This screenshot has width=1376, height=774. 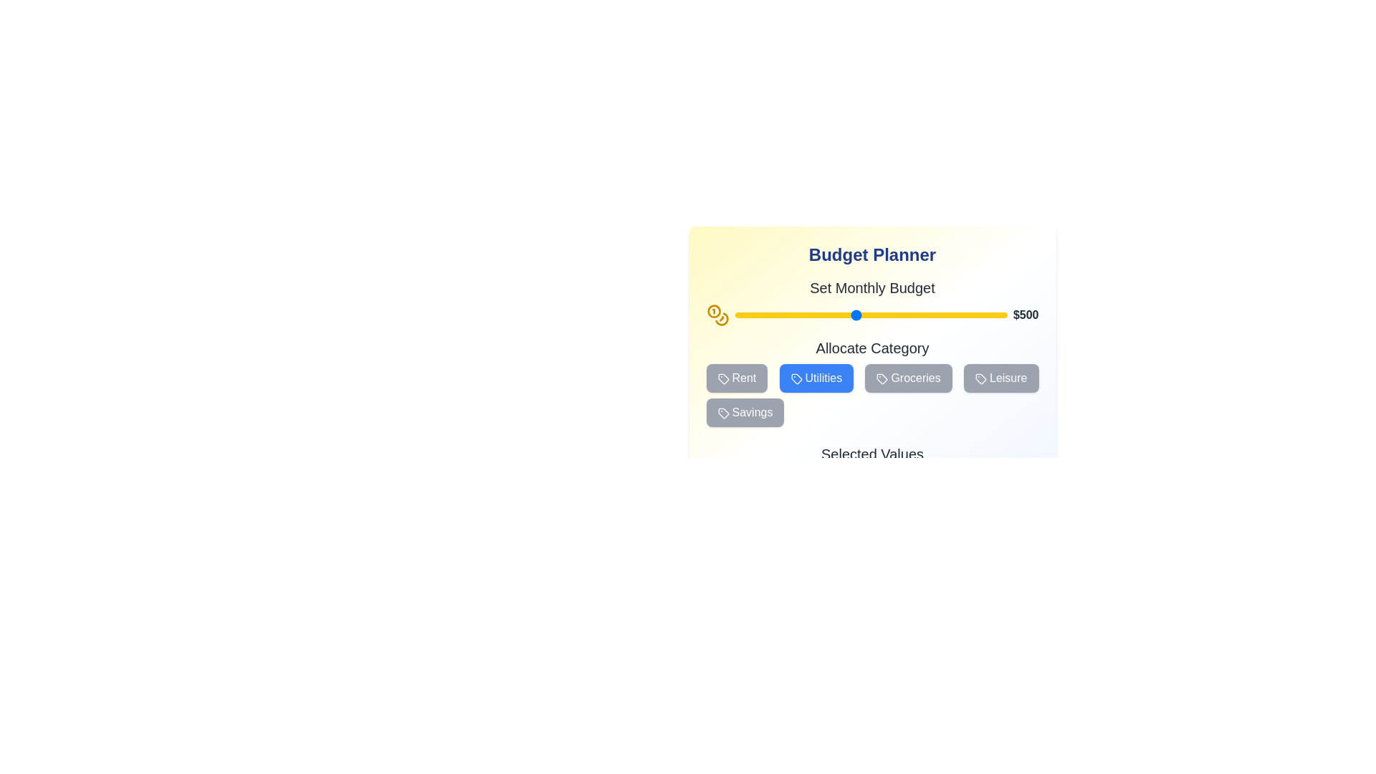 I want to click on the 'Utilities' icon in the 'Allocate Category' section, which is positioned in the middle row and is the second button from the left, so click(x=795, y=378).